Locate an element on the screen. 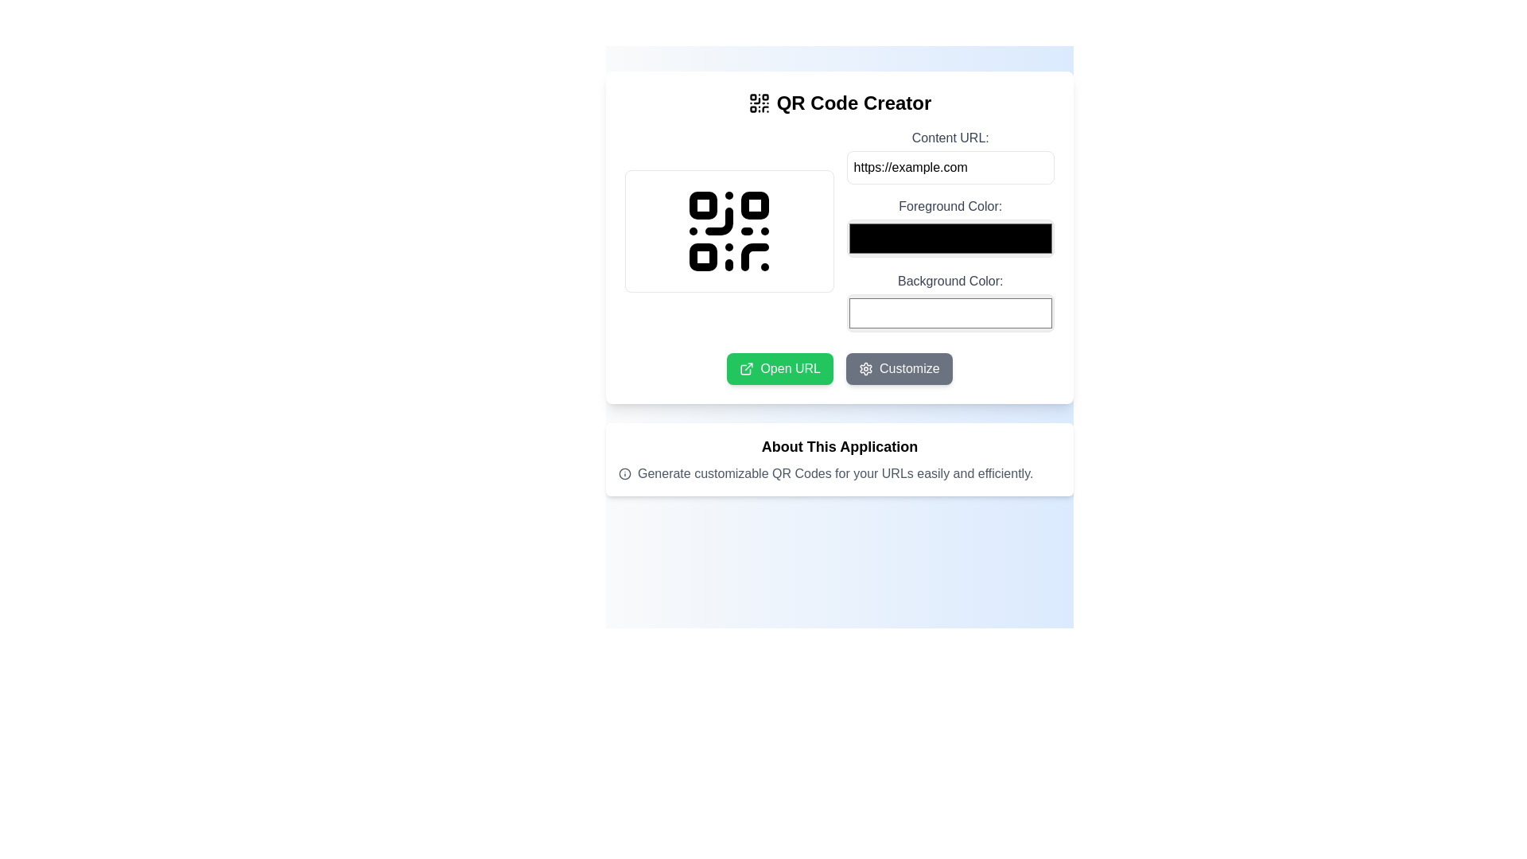  the Color input field, which is the third field in the vertical arrangement of fields, located under the 'Foreground Color' field is located at coordinates (950, 303).